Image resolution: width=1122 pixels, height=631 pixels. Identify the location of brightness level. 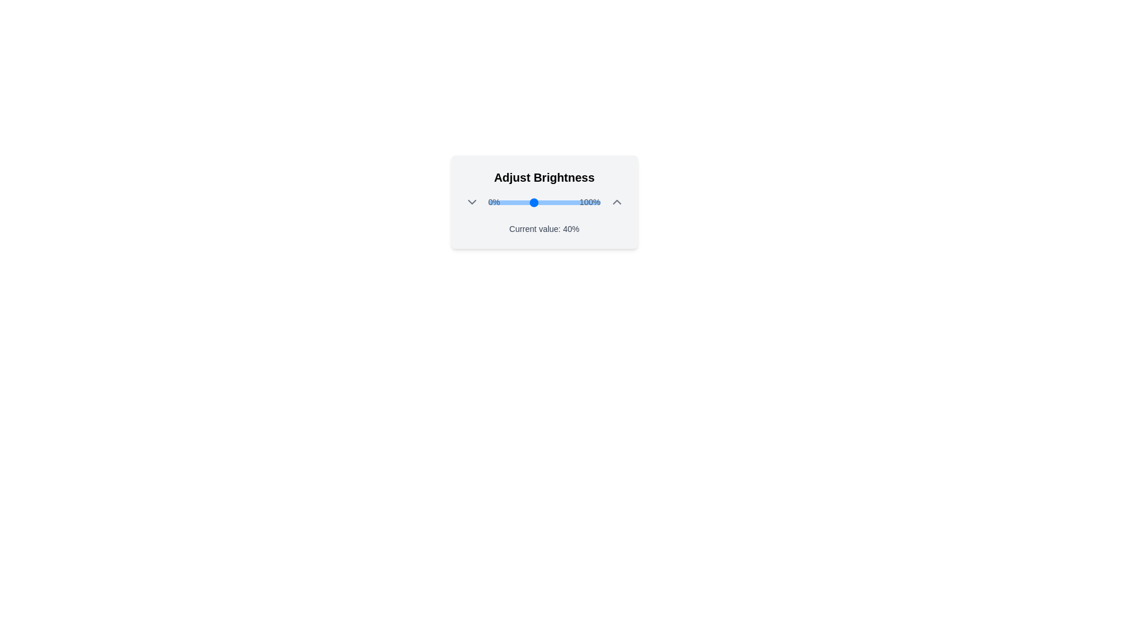
(524, 202).